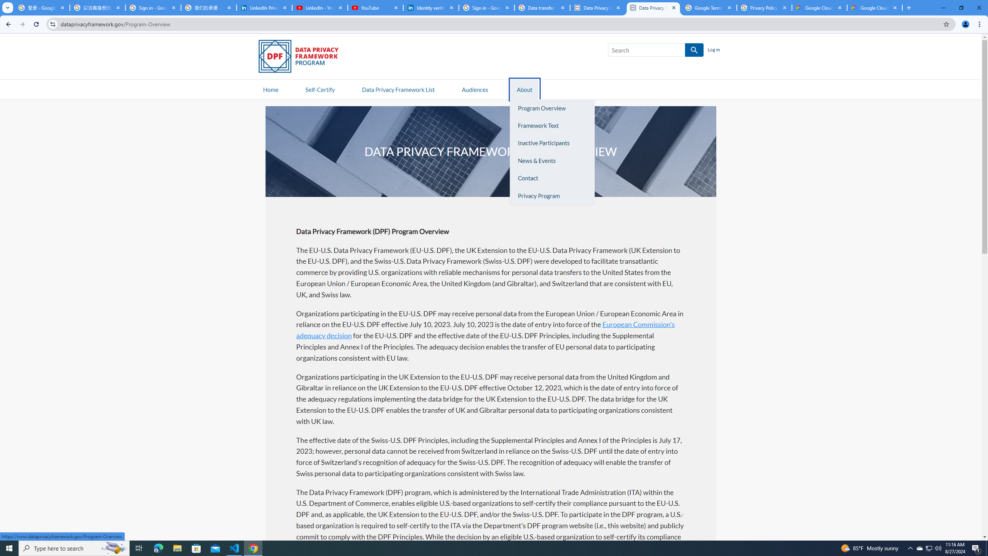 The image size is (988, 556). Describe the element at coordinates (320, 89) in the screenshot. I see `'Self-Certify'` at that location.